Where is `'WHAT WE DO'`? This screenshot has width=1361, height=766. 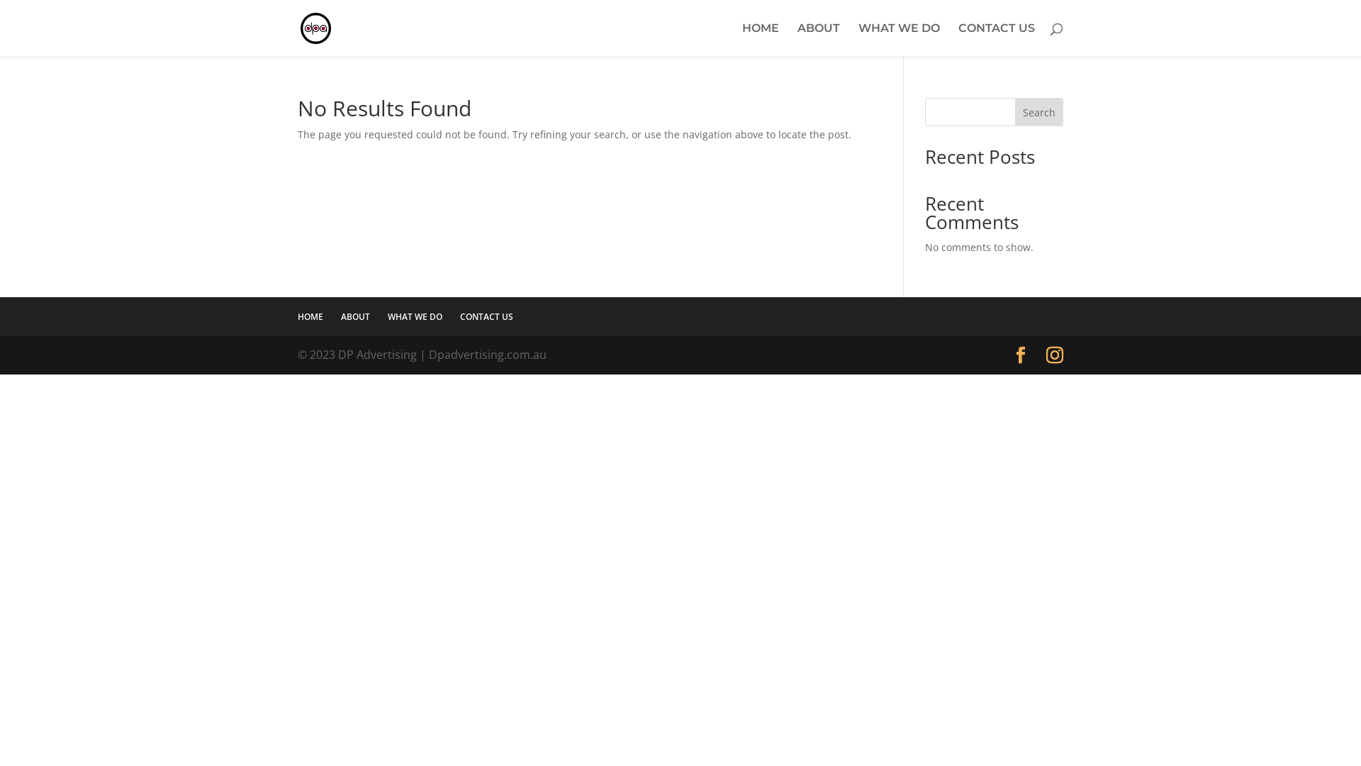 'WHAT WE DO' is located at coordinates (857, 39).